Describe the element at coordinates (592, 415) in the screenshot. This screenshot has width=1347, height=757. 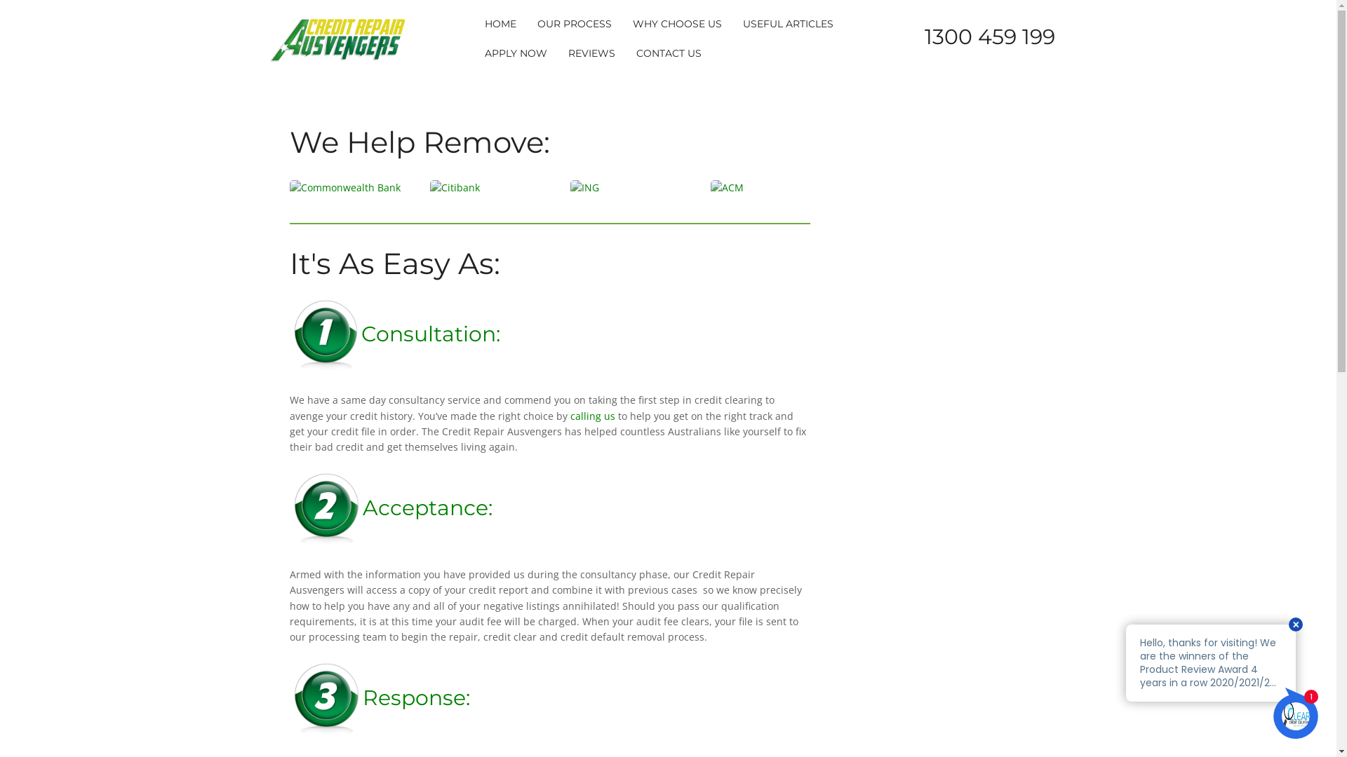
I see `'calling us'` at that location.